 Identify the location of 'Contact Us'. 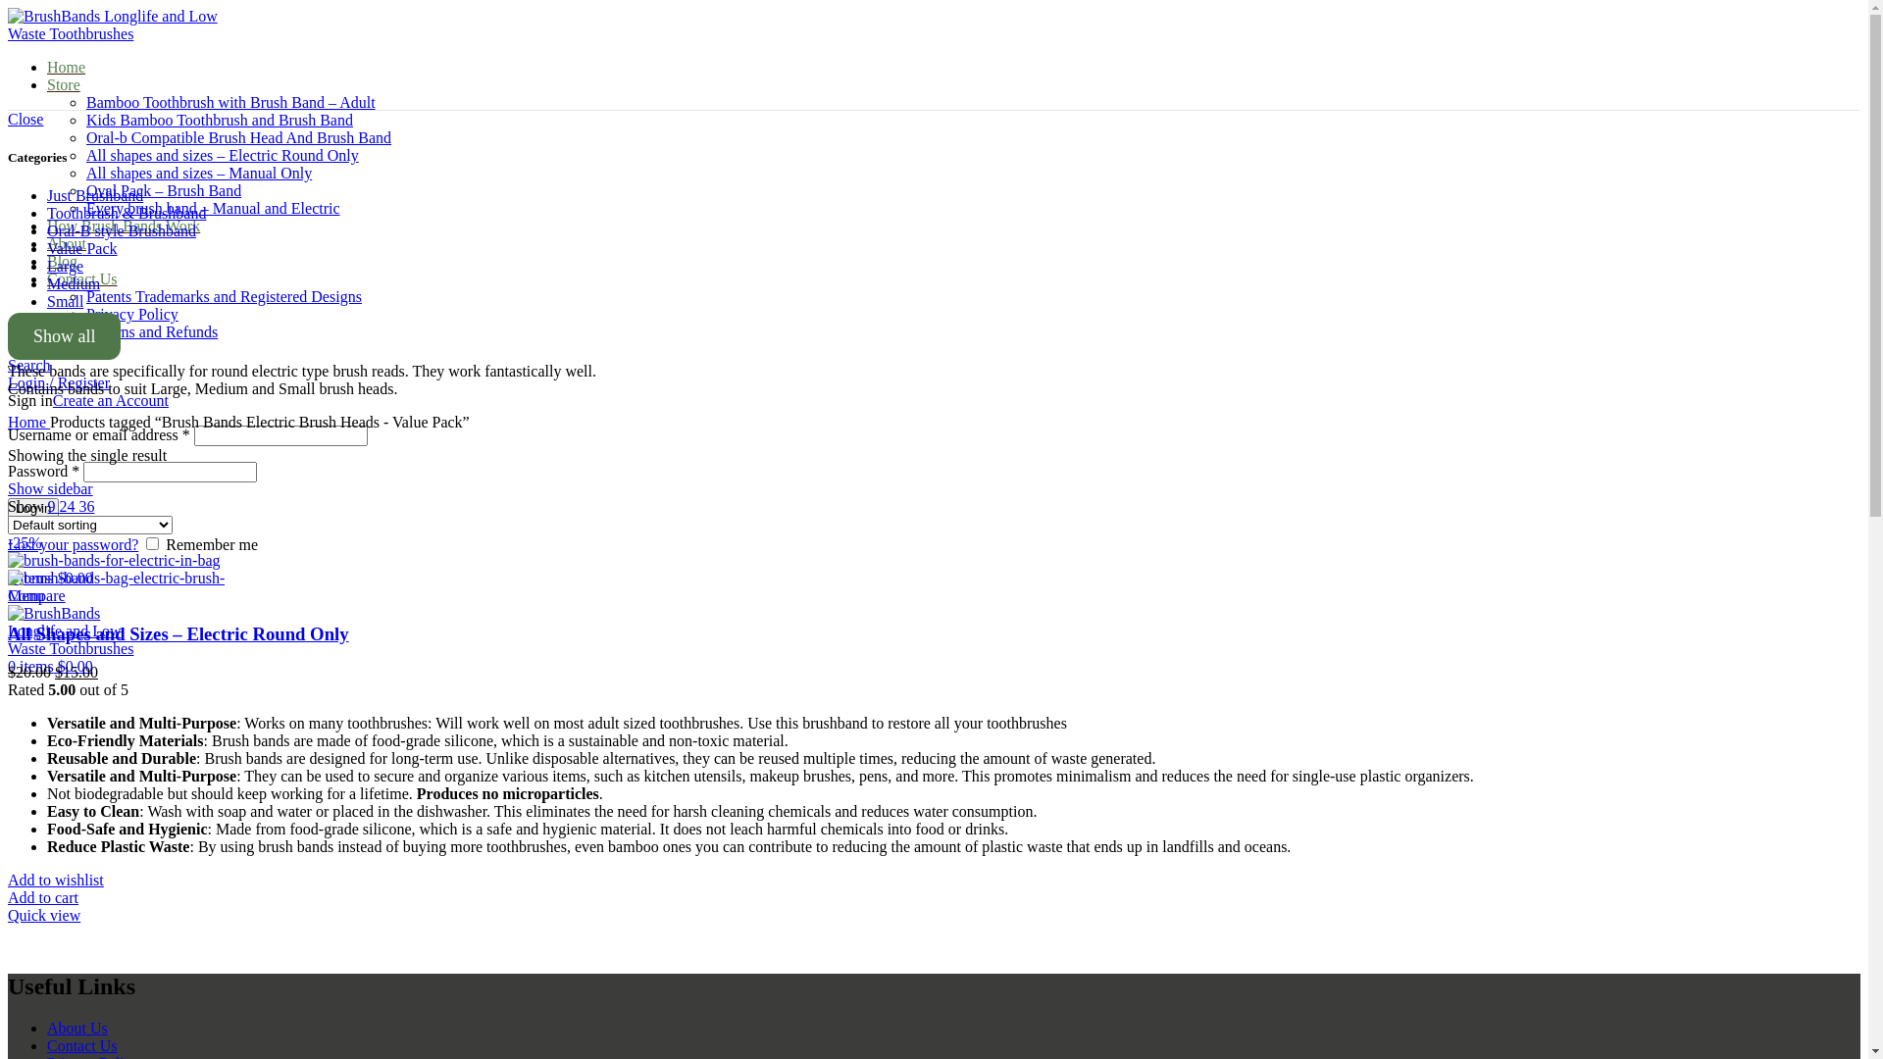
(80, 1044).